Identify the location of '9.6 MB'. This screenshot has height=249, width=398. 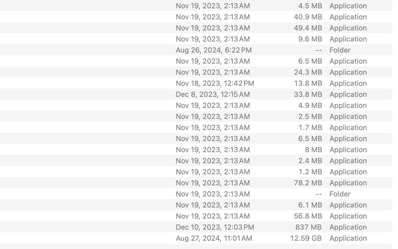
(310, 39).